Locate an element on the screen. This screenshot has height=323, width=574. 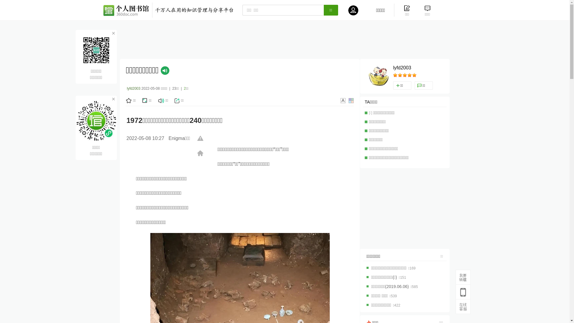
'lyfd2003' is located at coordinates (133, 89).